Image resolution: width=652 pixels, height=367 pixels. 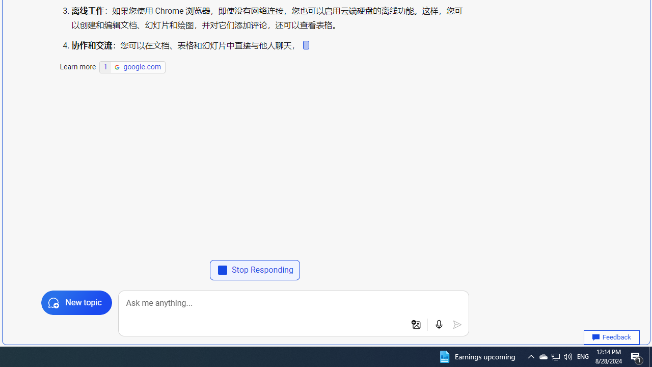 What do you see at coordinates (456, 325) in the screenshot?
I see `'Submit'` at bounding box center [456, 325].